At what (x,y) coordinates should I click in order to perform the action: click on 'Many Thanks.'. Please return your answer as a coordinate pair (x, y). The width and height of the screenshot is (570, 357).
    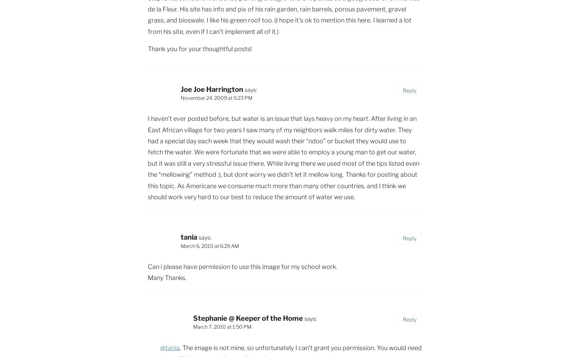
    Looking at the image, I should click on (167, 277).